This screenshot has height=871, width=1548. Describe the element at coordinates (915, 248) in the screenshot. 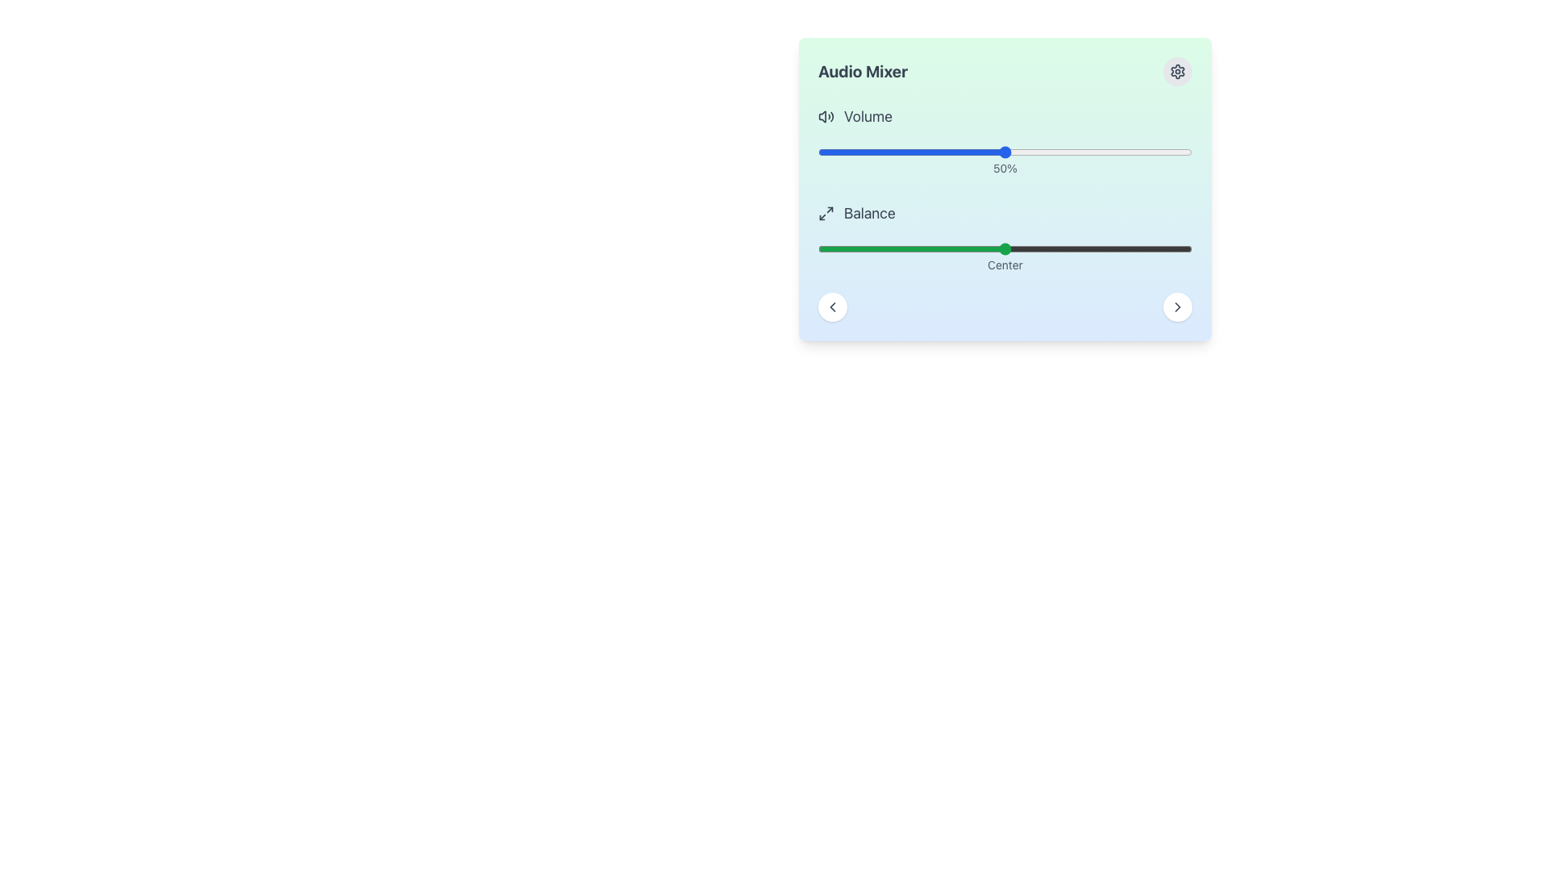

I see `balance` at that location.